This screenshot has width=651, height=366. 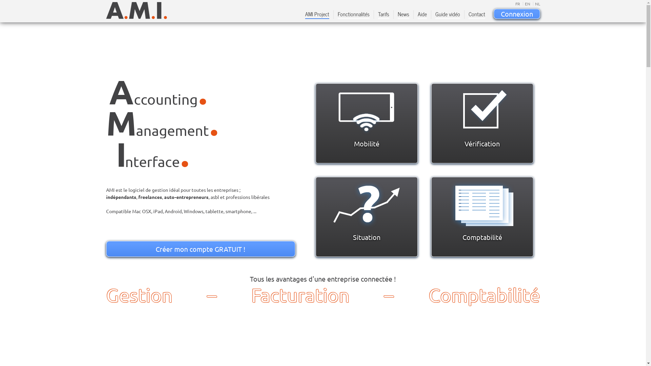 I want to click on 'AMI Project', so click(x=317, y=15).